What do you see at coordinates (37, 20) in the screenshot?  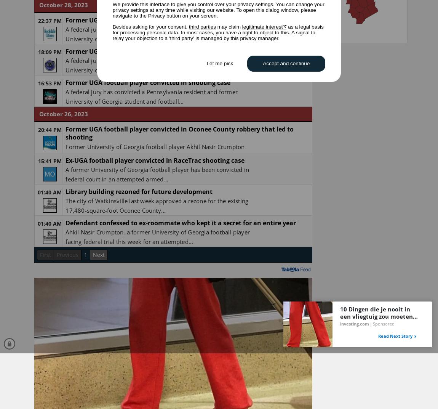 I see `'22:37 PM'` at bounding box center [37, 20].